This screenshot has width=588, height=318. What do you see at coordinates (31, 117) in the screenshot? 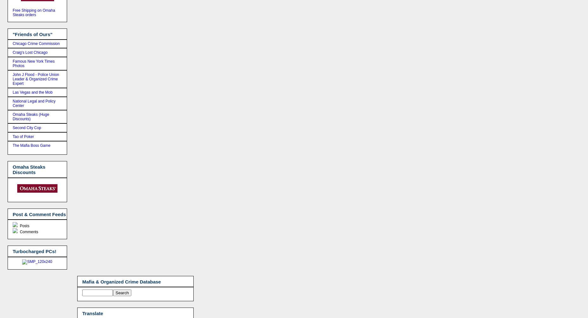
I see `'Omaha Steaks (Huge Discounts)'` at bounding box center [31, 117].